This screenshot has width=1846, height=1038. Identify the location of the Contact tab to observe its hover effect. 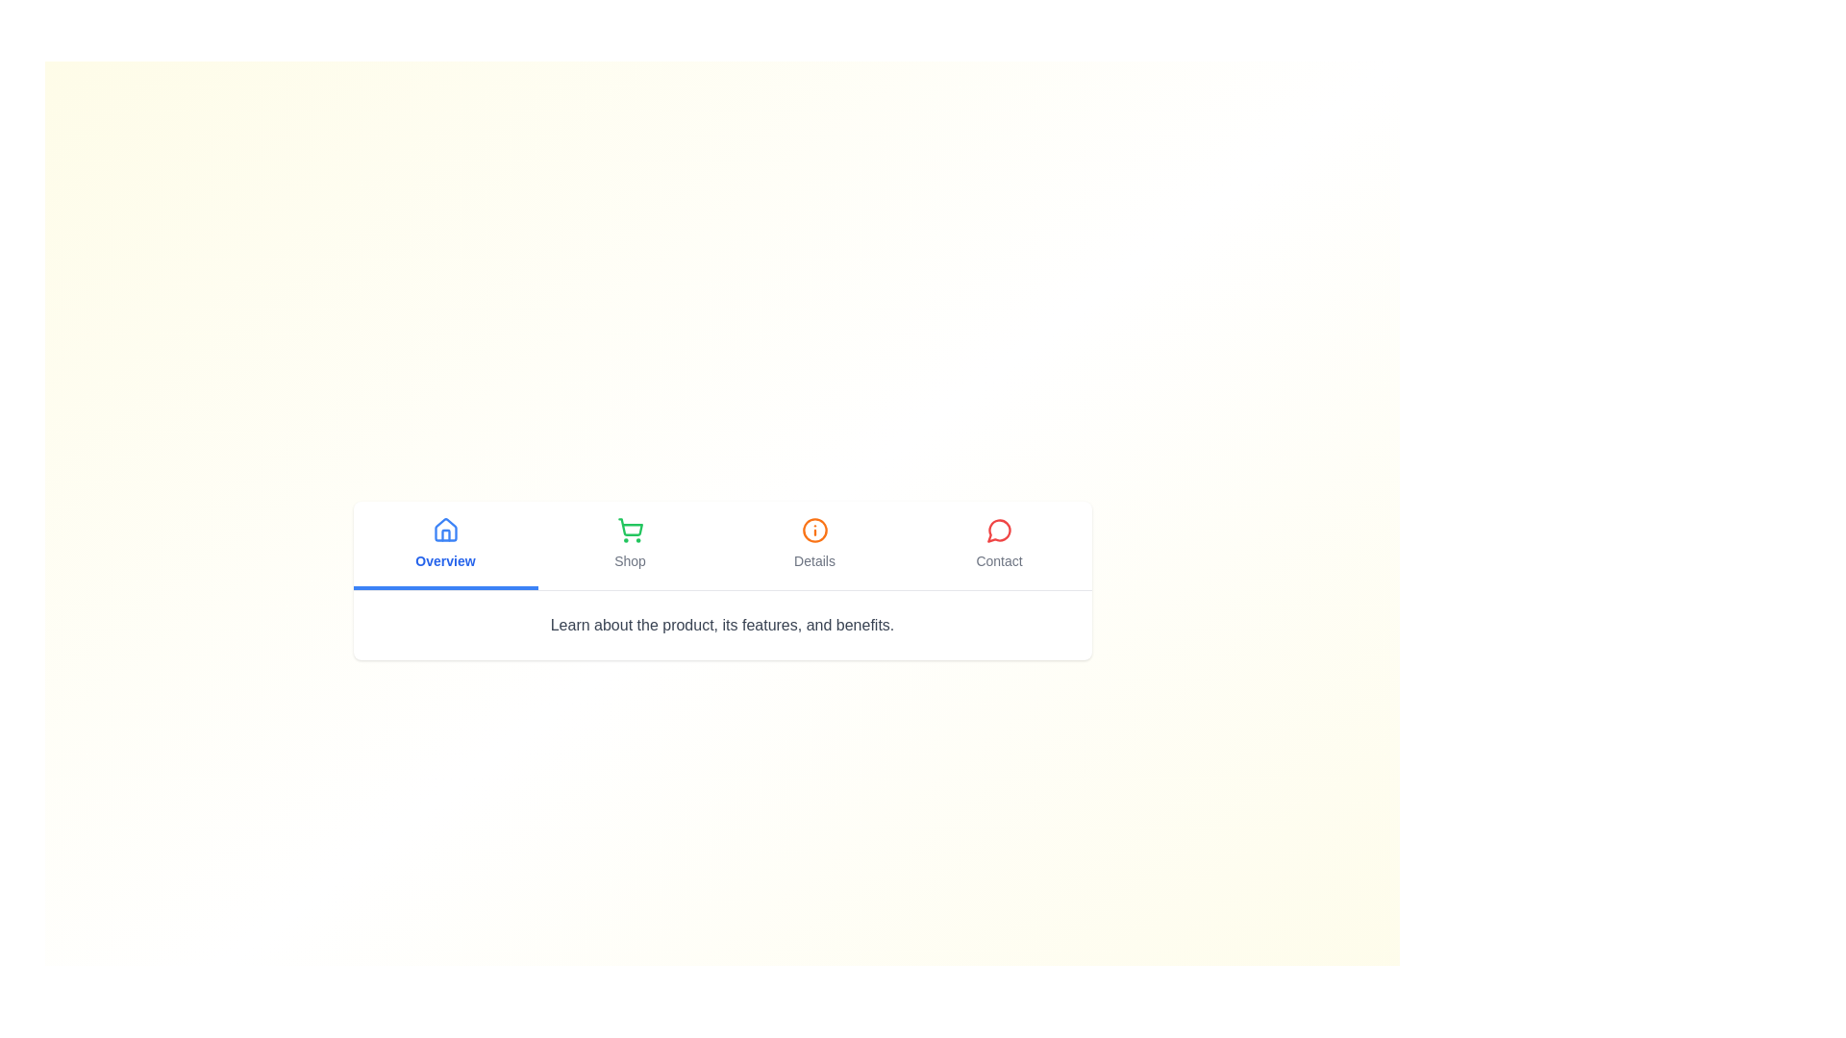
(999, 545).